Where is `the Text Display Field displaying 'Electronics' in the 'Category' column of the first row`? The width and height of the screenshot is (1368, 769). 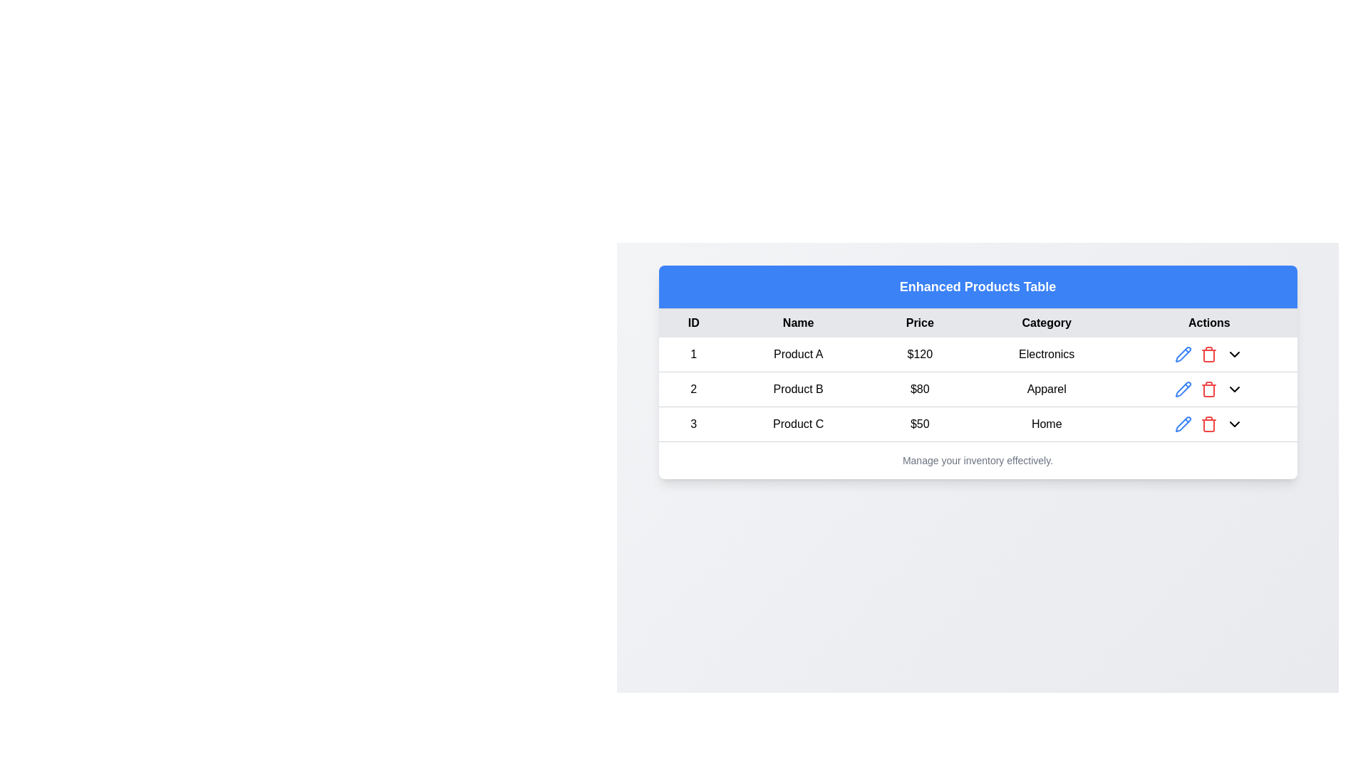 the Text Display Field displaying 'Electronics' in the 'Category' column of the first row is located at coordinates (1047, 354).